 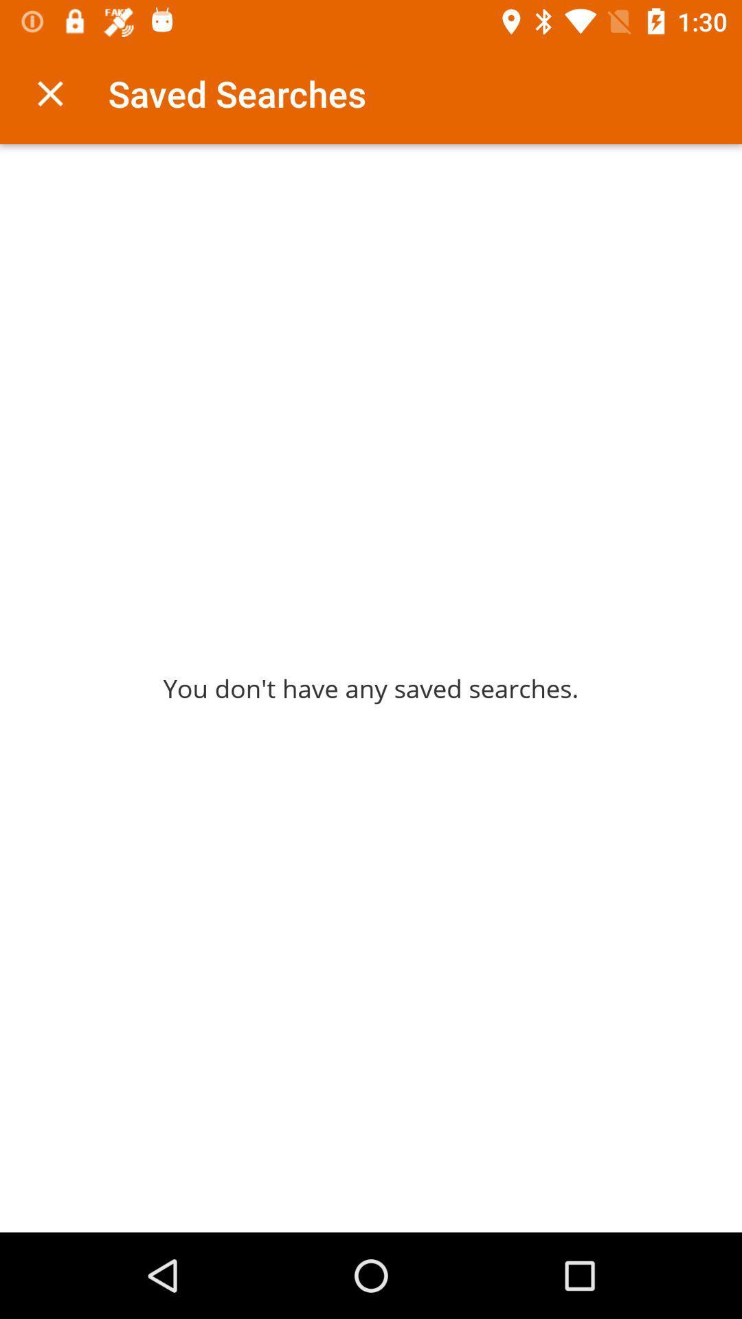 I want to click on the app next to the saved searches item, so click(x=49, y=93).